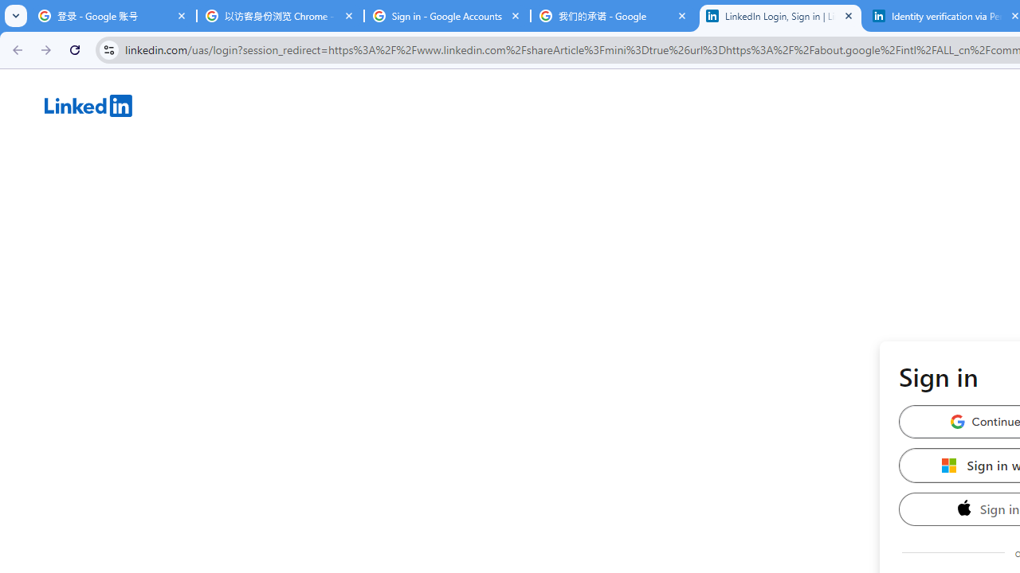  Describe the element at coordinates (446, 16) in the screenshot. I see `'Sign in - Google Accounts'` at that location.